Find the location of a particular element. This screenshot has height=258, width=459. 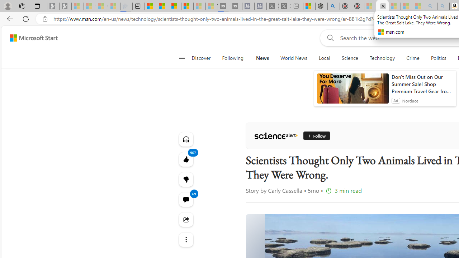

'anim-content' is located at coordinates (352, 91).